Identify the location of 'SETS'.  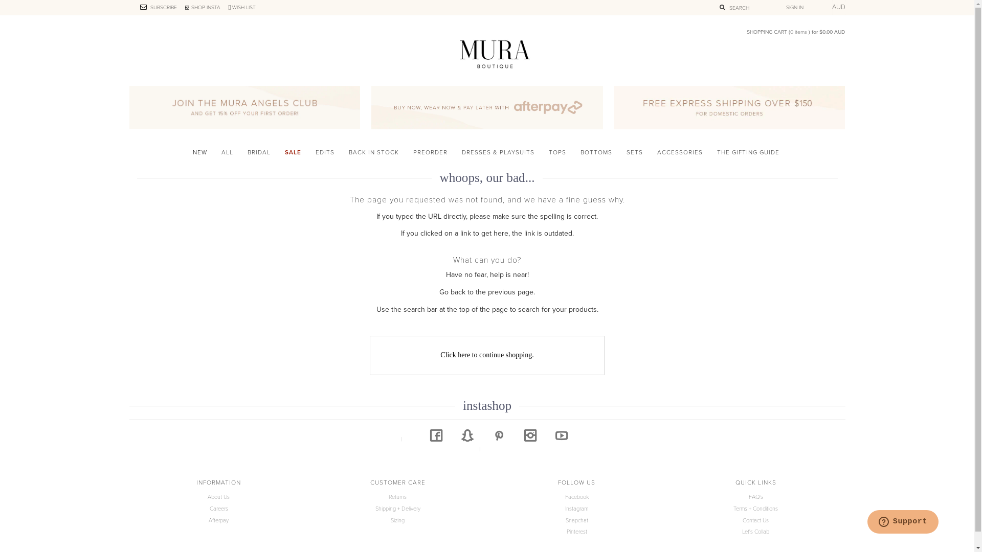
(634, 152).